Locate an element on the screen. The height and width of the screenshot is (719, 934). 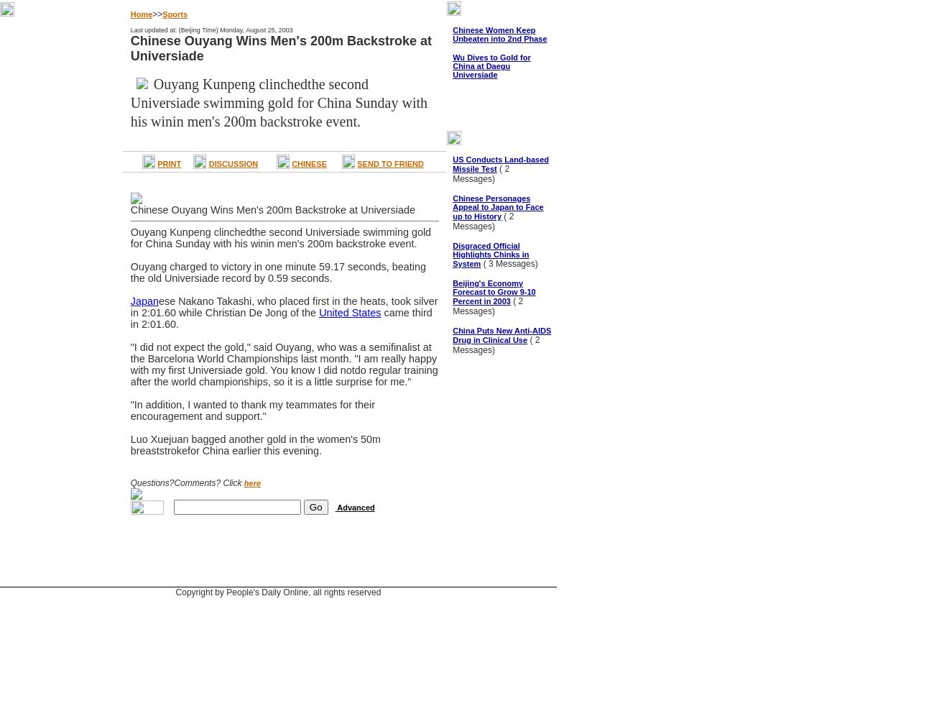
'Chinese Personages Appeal to Japan to Face up to History' is located at coordinates (497, 207).